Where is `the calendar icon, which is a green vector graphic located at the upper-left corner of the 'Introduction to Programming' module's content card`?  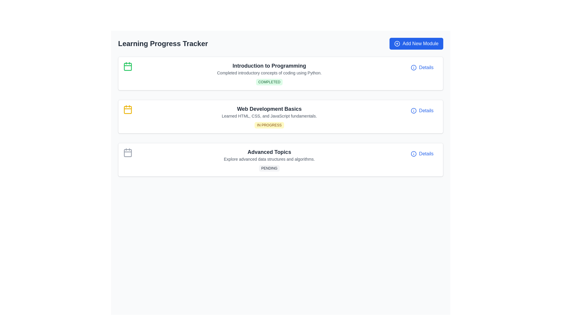
the calendar icon, which is a green vector graphic located at the upper-left corner of the 'Introduction to Programming' module's content card is located at coordinates (127, 66).